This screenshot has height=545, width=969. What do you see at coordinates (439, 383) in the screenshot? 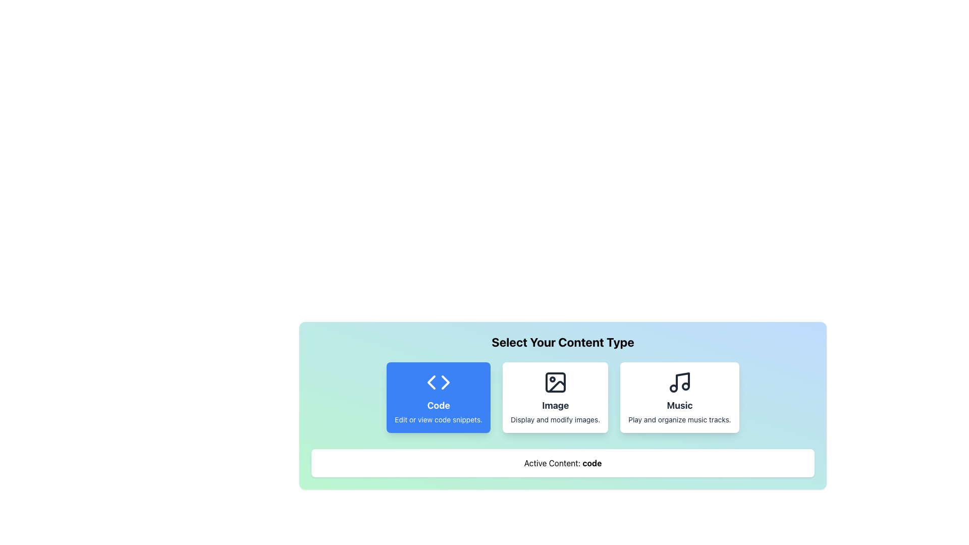
I see `the code icon located in the first position of the horizontally aligned menu, above the text 'Code'` at bounding box center [439, 383].